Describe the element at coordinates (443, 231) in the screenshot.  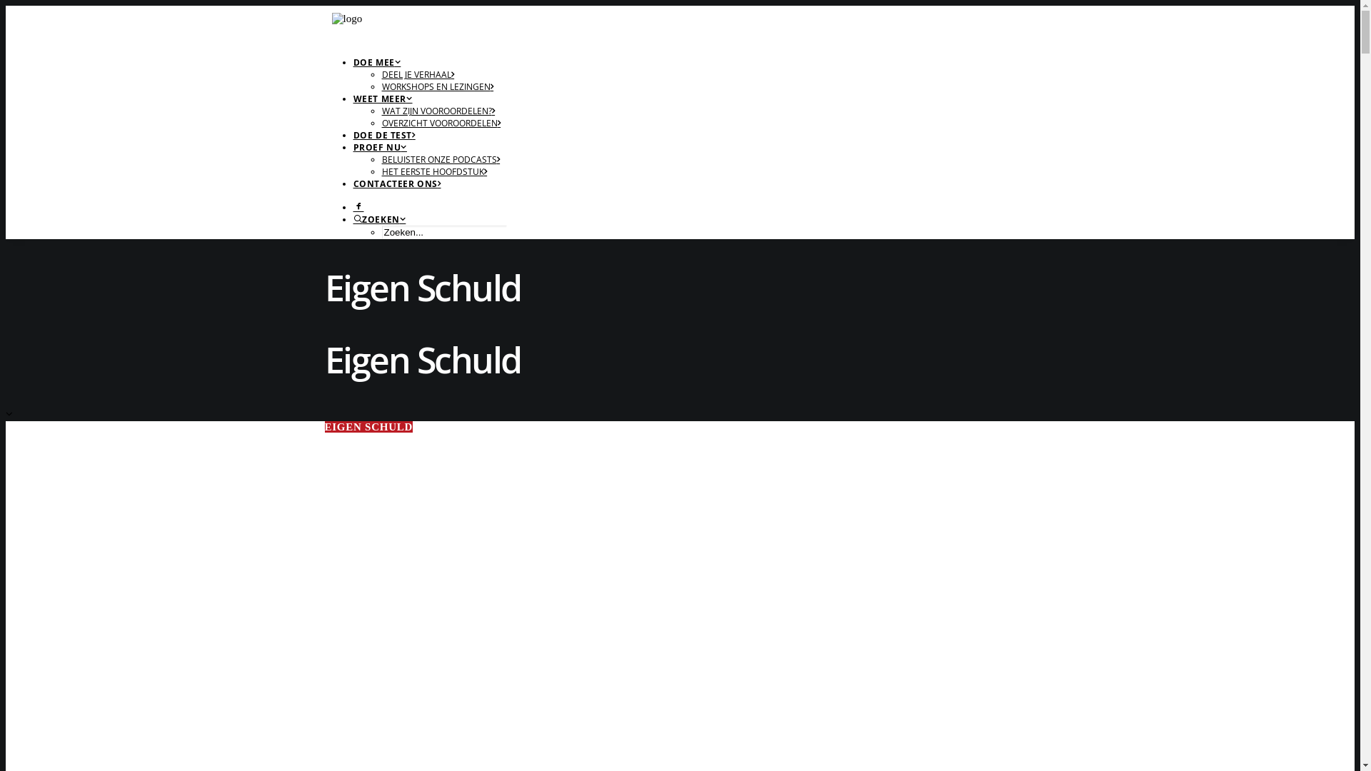
I see `'Zoeken...'` at that location.